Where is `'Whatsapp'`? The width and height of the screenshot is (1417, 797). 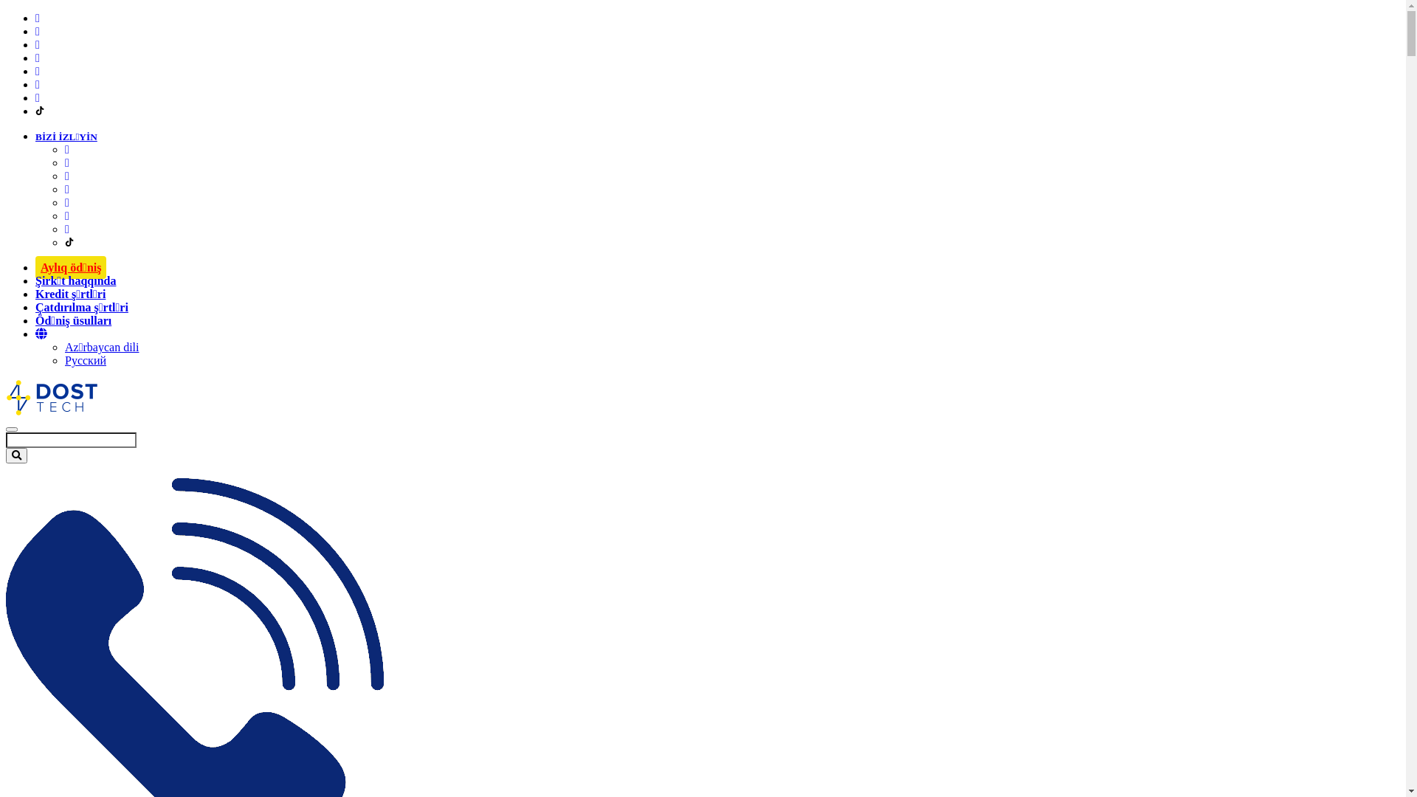
'Whatsapp' is located at coordinates (66, 202).